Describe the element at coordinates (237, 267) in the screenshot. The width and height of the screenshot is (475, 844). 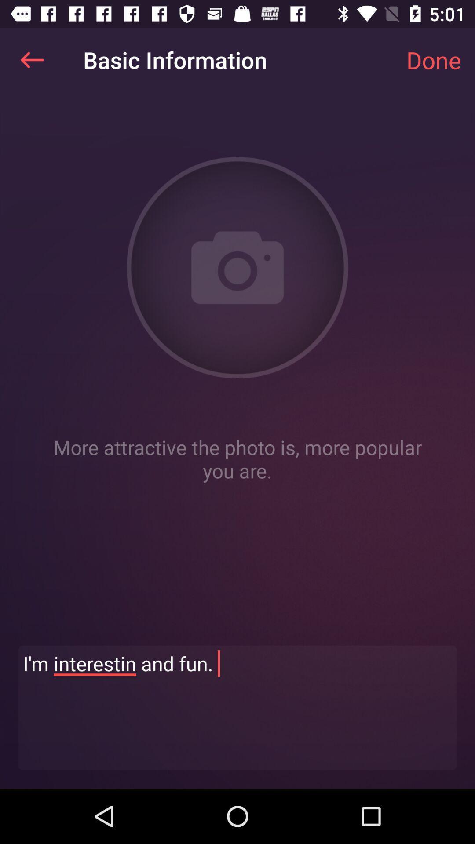
I see `open camera` at that location.